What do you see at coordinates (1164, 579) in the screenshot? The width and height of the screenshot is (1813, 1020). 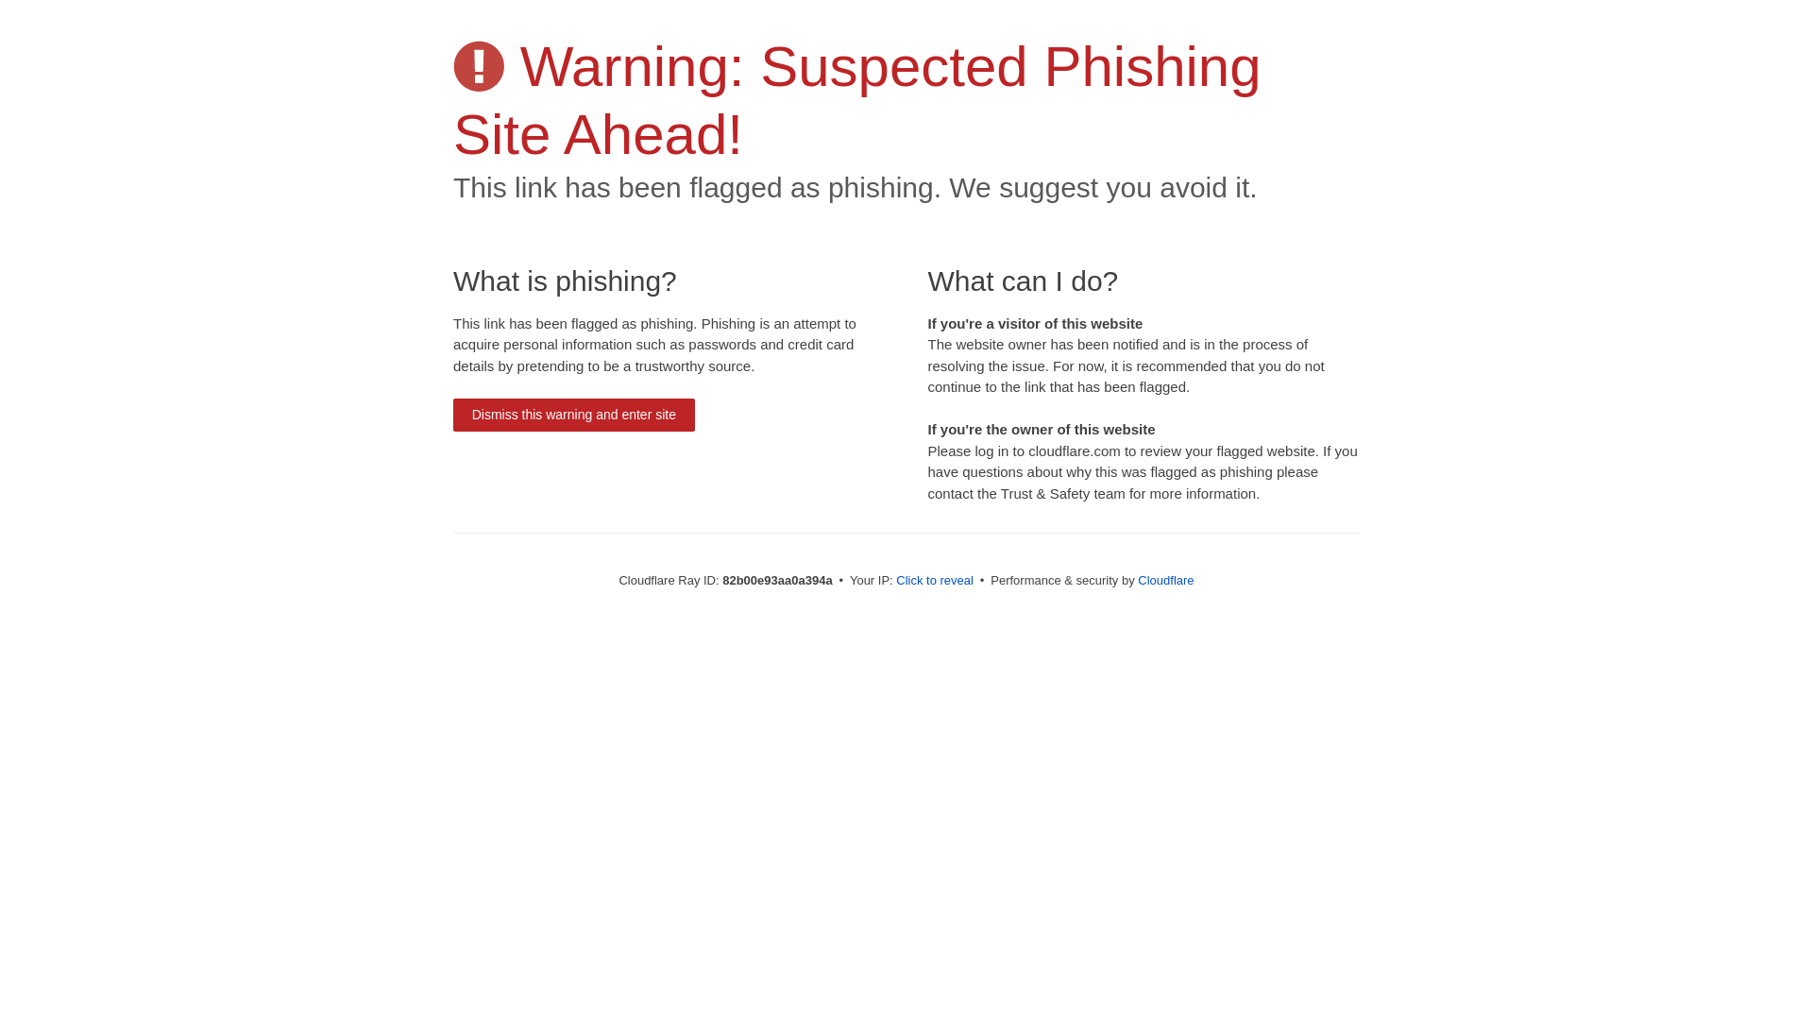 I see `'Cloudflare'` at bounding box center [1164, 579].